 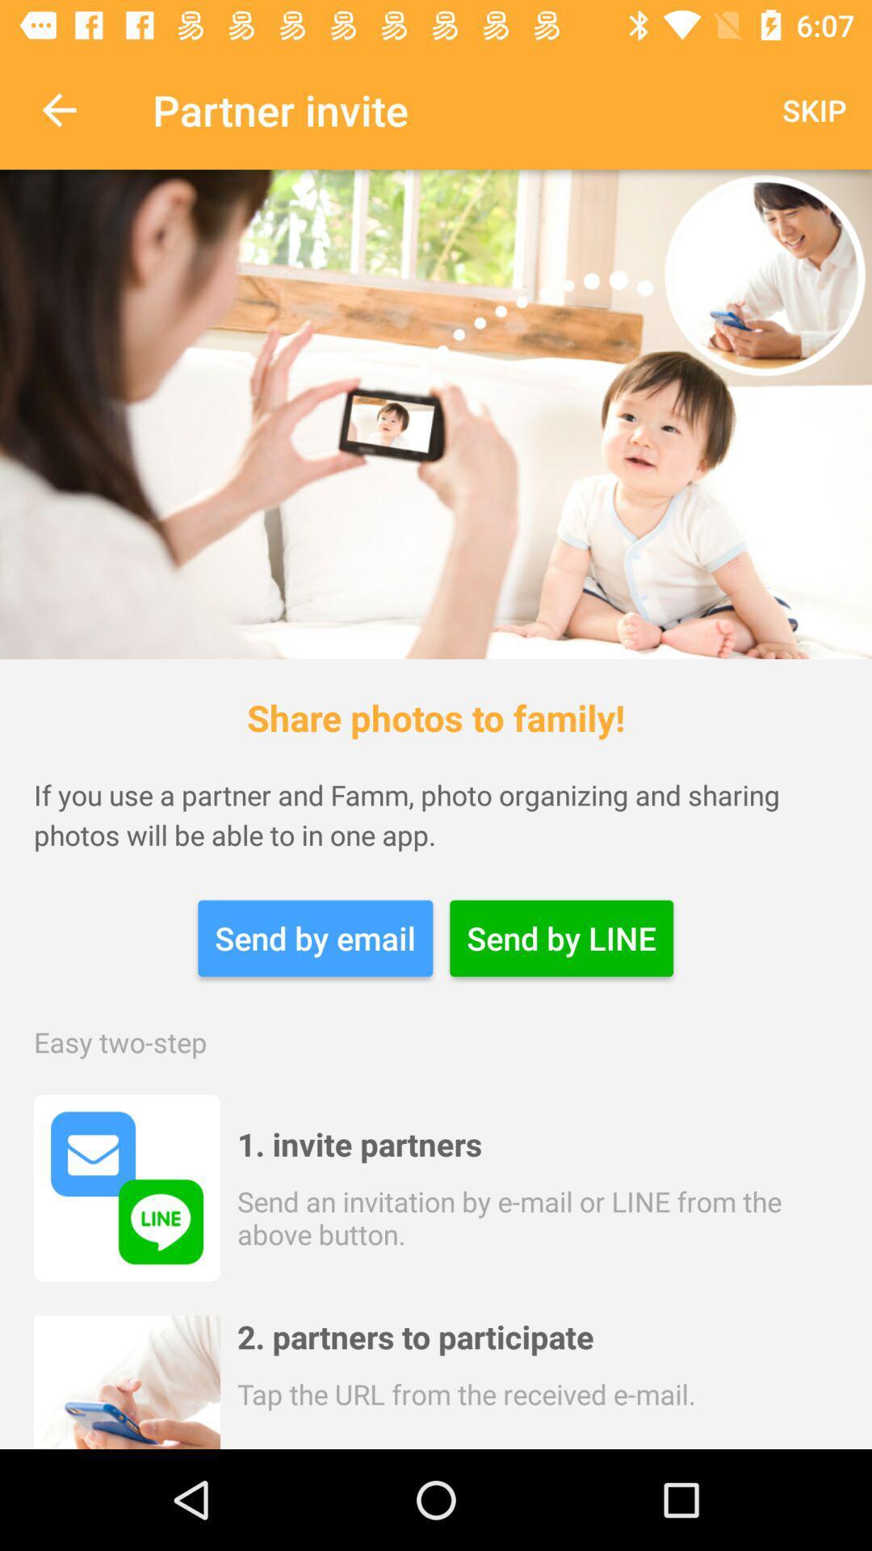 What do you see at coordinates (814, 109) in the screenshot?
I see `the skip icon` at bounding box center [814, 109].